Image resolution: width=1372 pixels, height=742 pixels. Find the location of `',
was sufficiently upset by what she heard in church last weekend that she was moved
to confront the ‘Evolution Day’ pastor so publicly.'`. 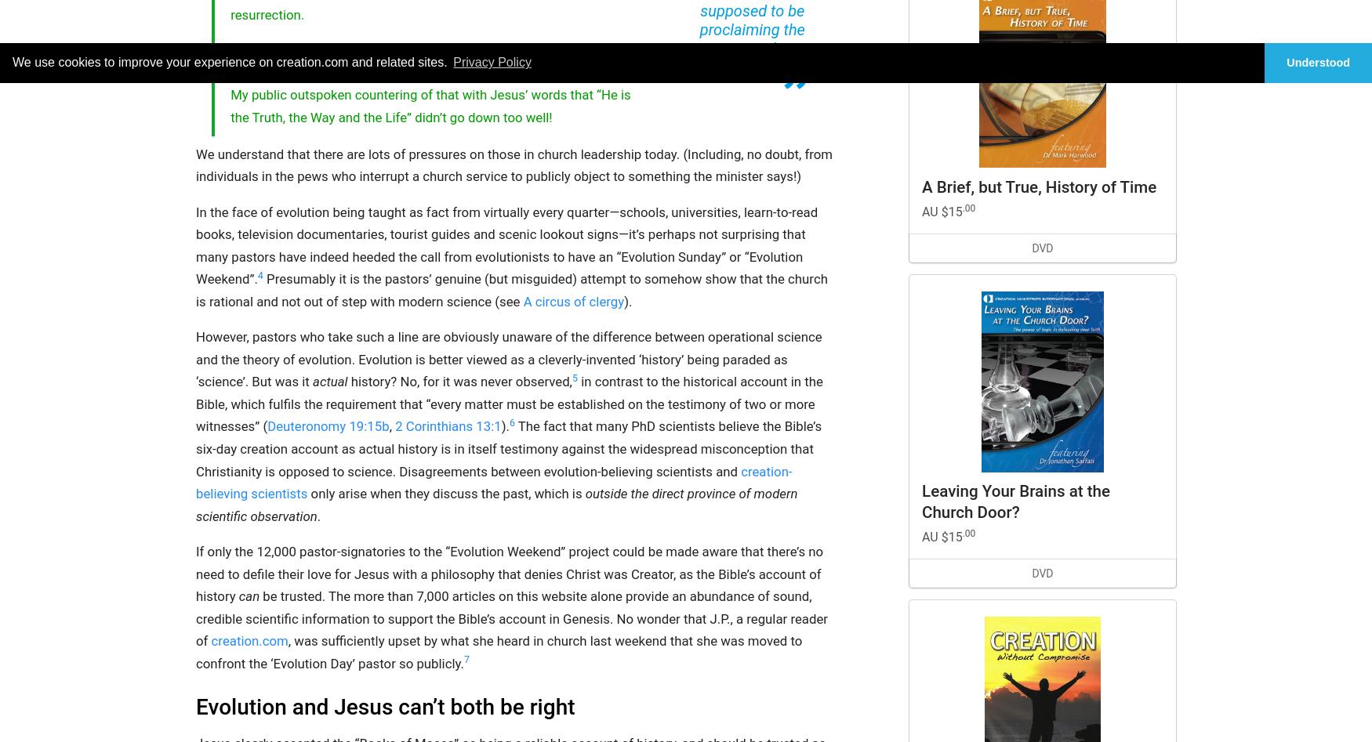

',
was sufficiently upset by what she heard in church last weekend that she was moved
to confront the ‘Evolution Day’ pastor so publicly.' is located at coordinates (498, 652).